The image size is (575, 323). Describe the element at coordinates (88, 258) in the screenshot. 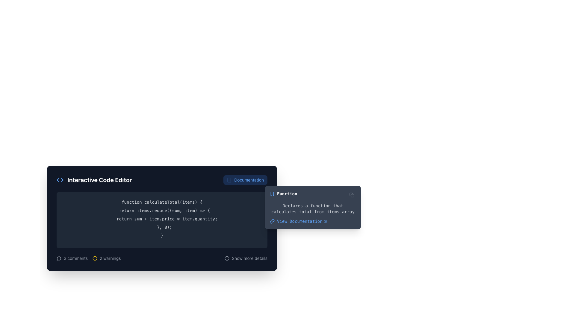

I see `the Status indicator displaying '3 comments' and '2 warnings' at the bottom-left corner of the 'Interactive Code Editor' panel` at that location.